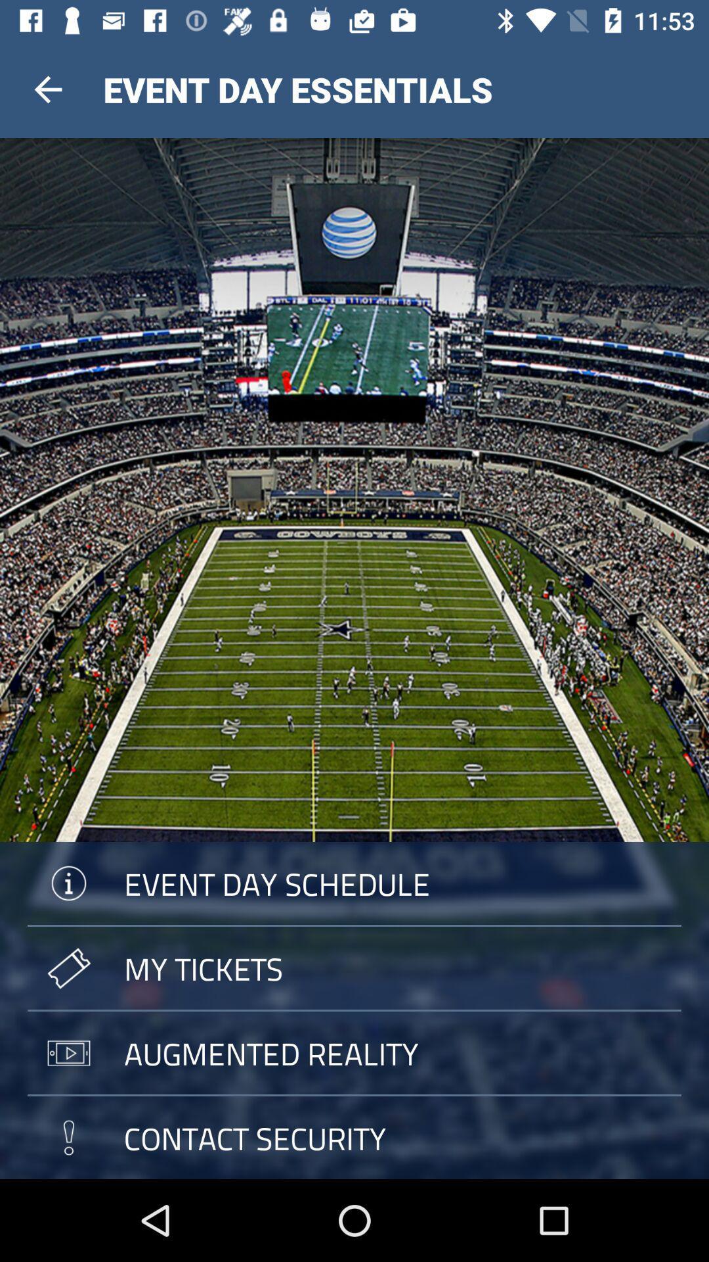 Image resolution: width=709 pixels, height=1262 pixels. Describe the element at coordinates (47, 89) in the screenshot. I see `icon at the top left corner` at that location.